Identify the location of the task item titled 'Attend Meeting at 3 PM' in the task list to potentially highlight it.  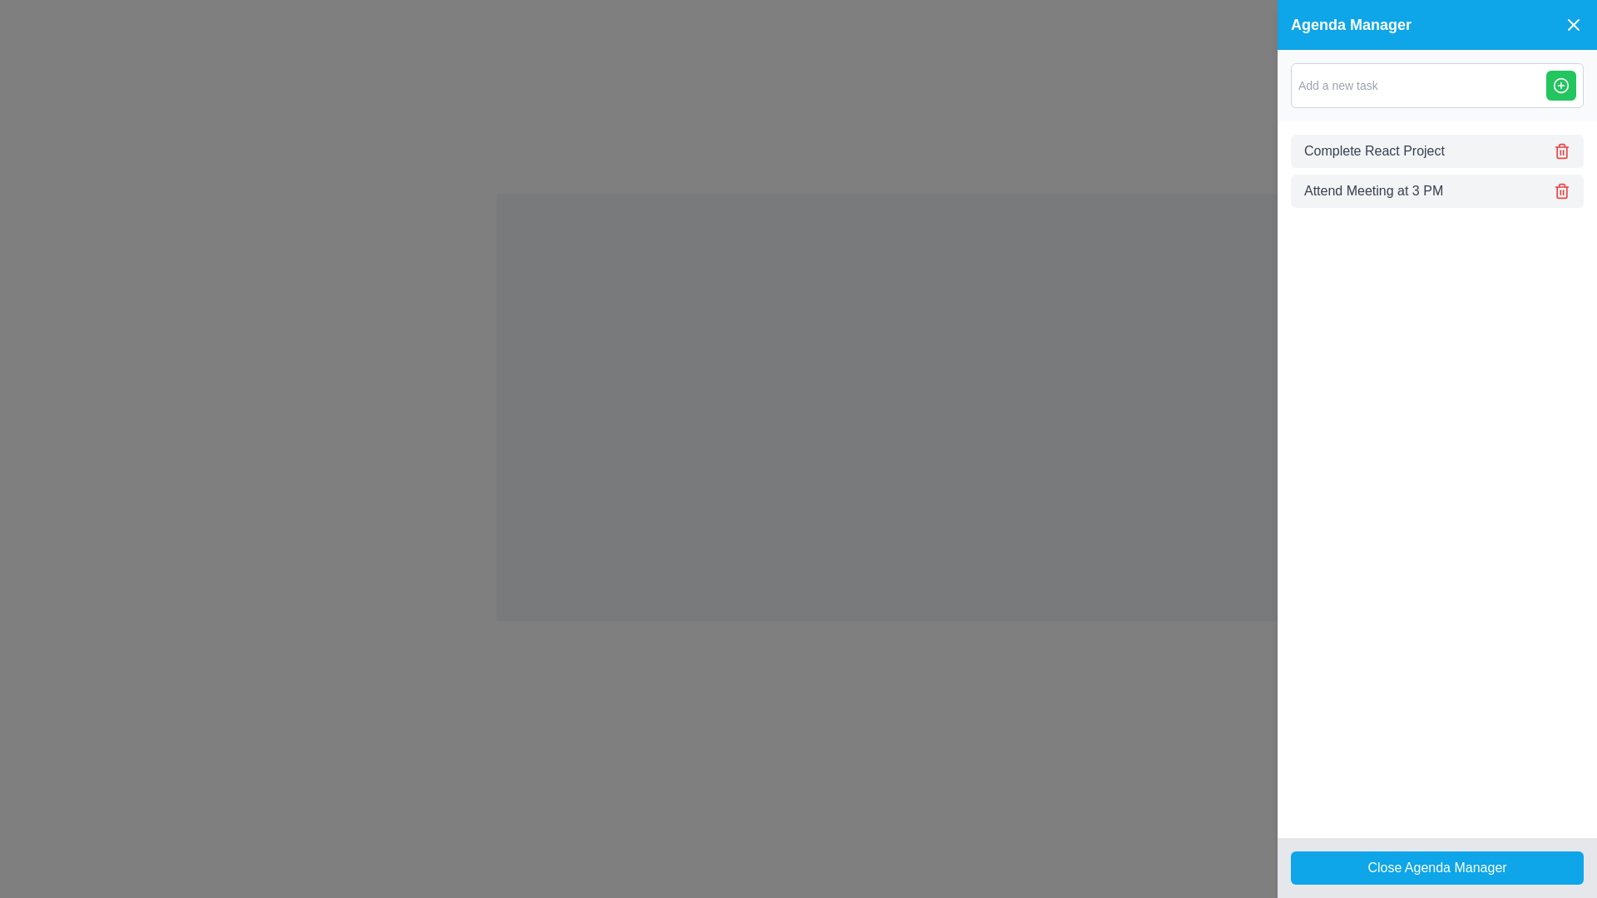
(1436, 190).